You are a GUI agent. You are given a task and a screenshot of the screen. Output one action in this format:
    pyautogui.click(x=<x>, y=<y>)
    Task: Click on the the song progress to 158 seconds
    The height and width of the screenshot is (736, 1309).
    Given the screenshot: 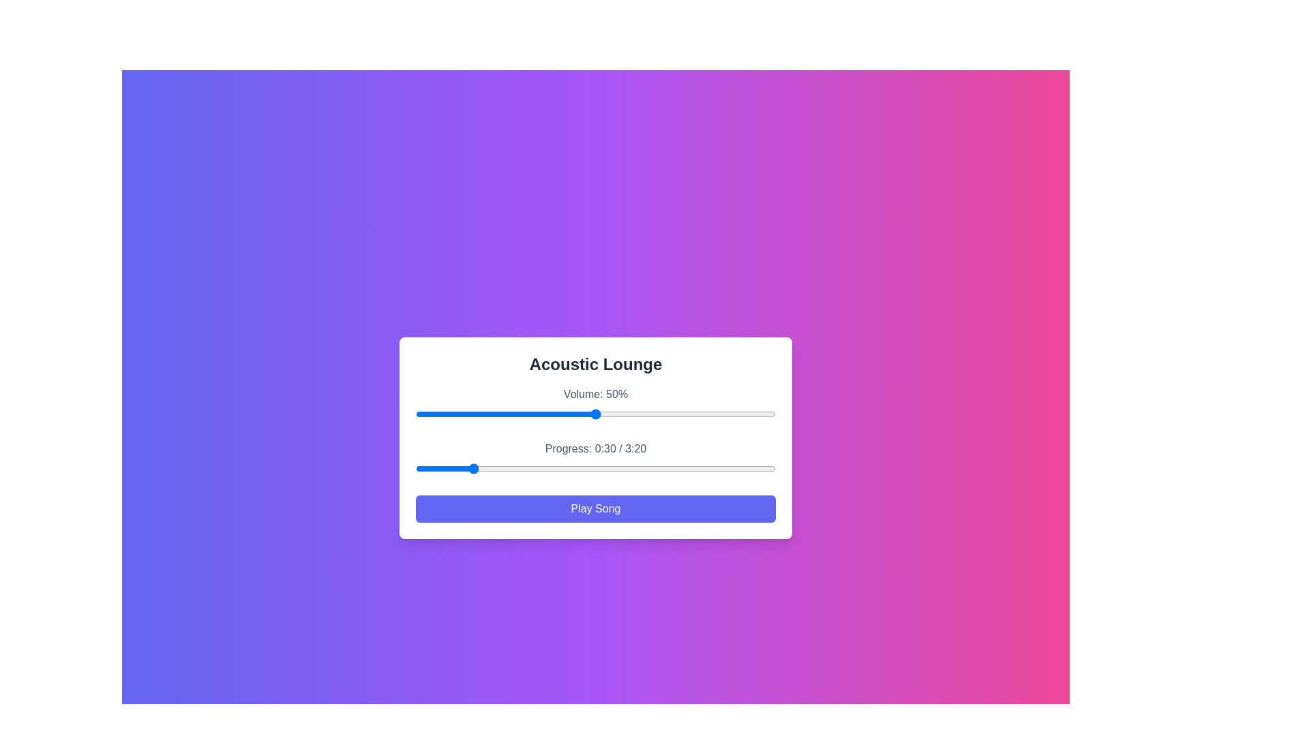 What is the action you would take?
    pyautogui.click(x=700, y=467)
    